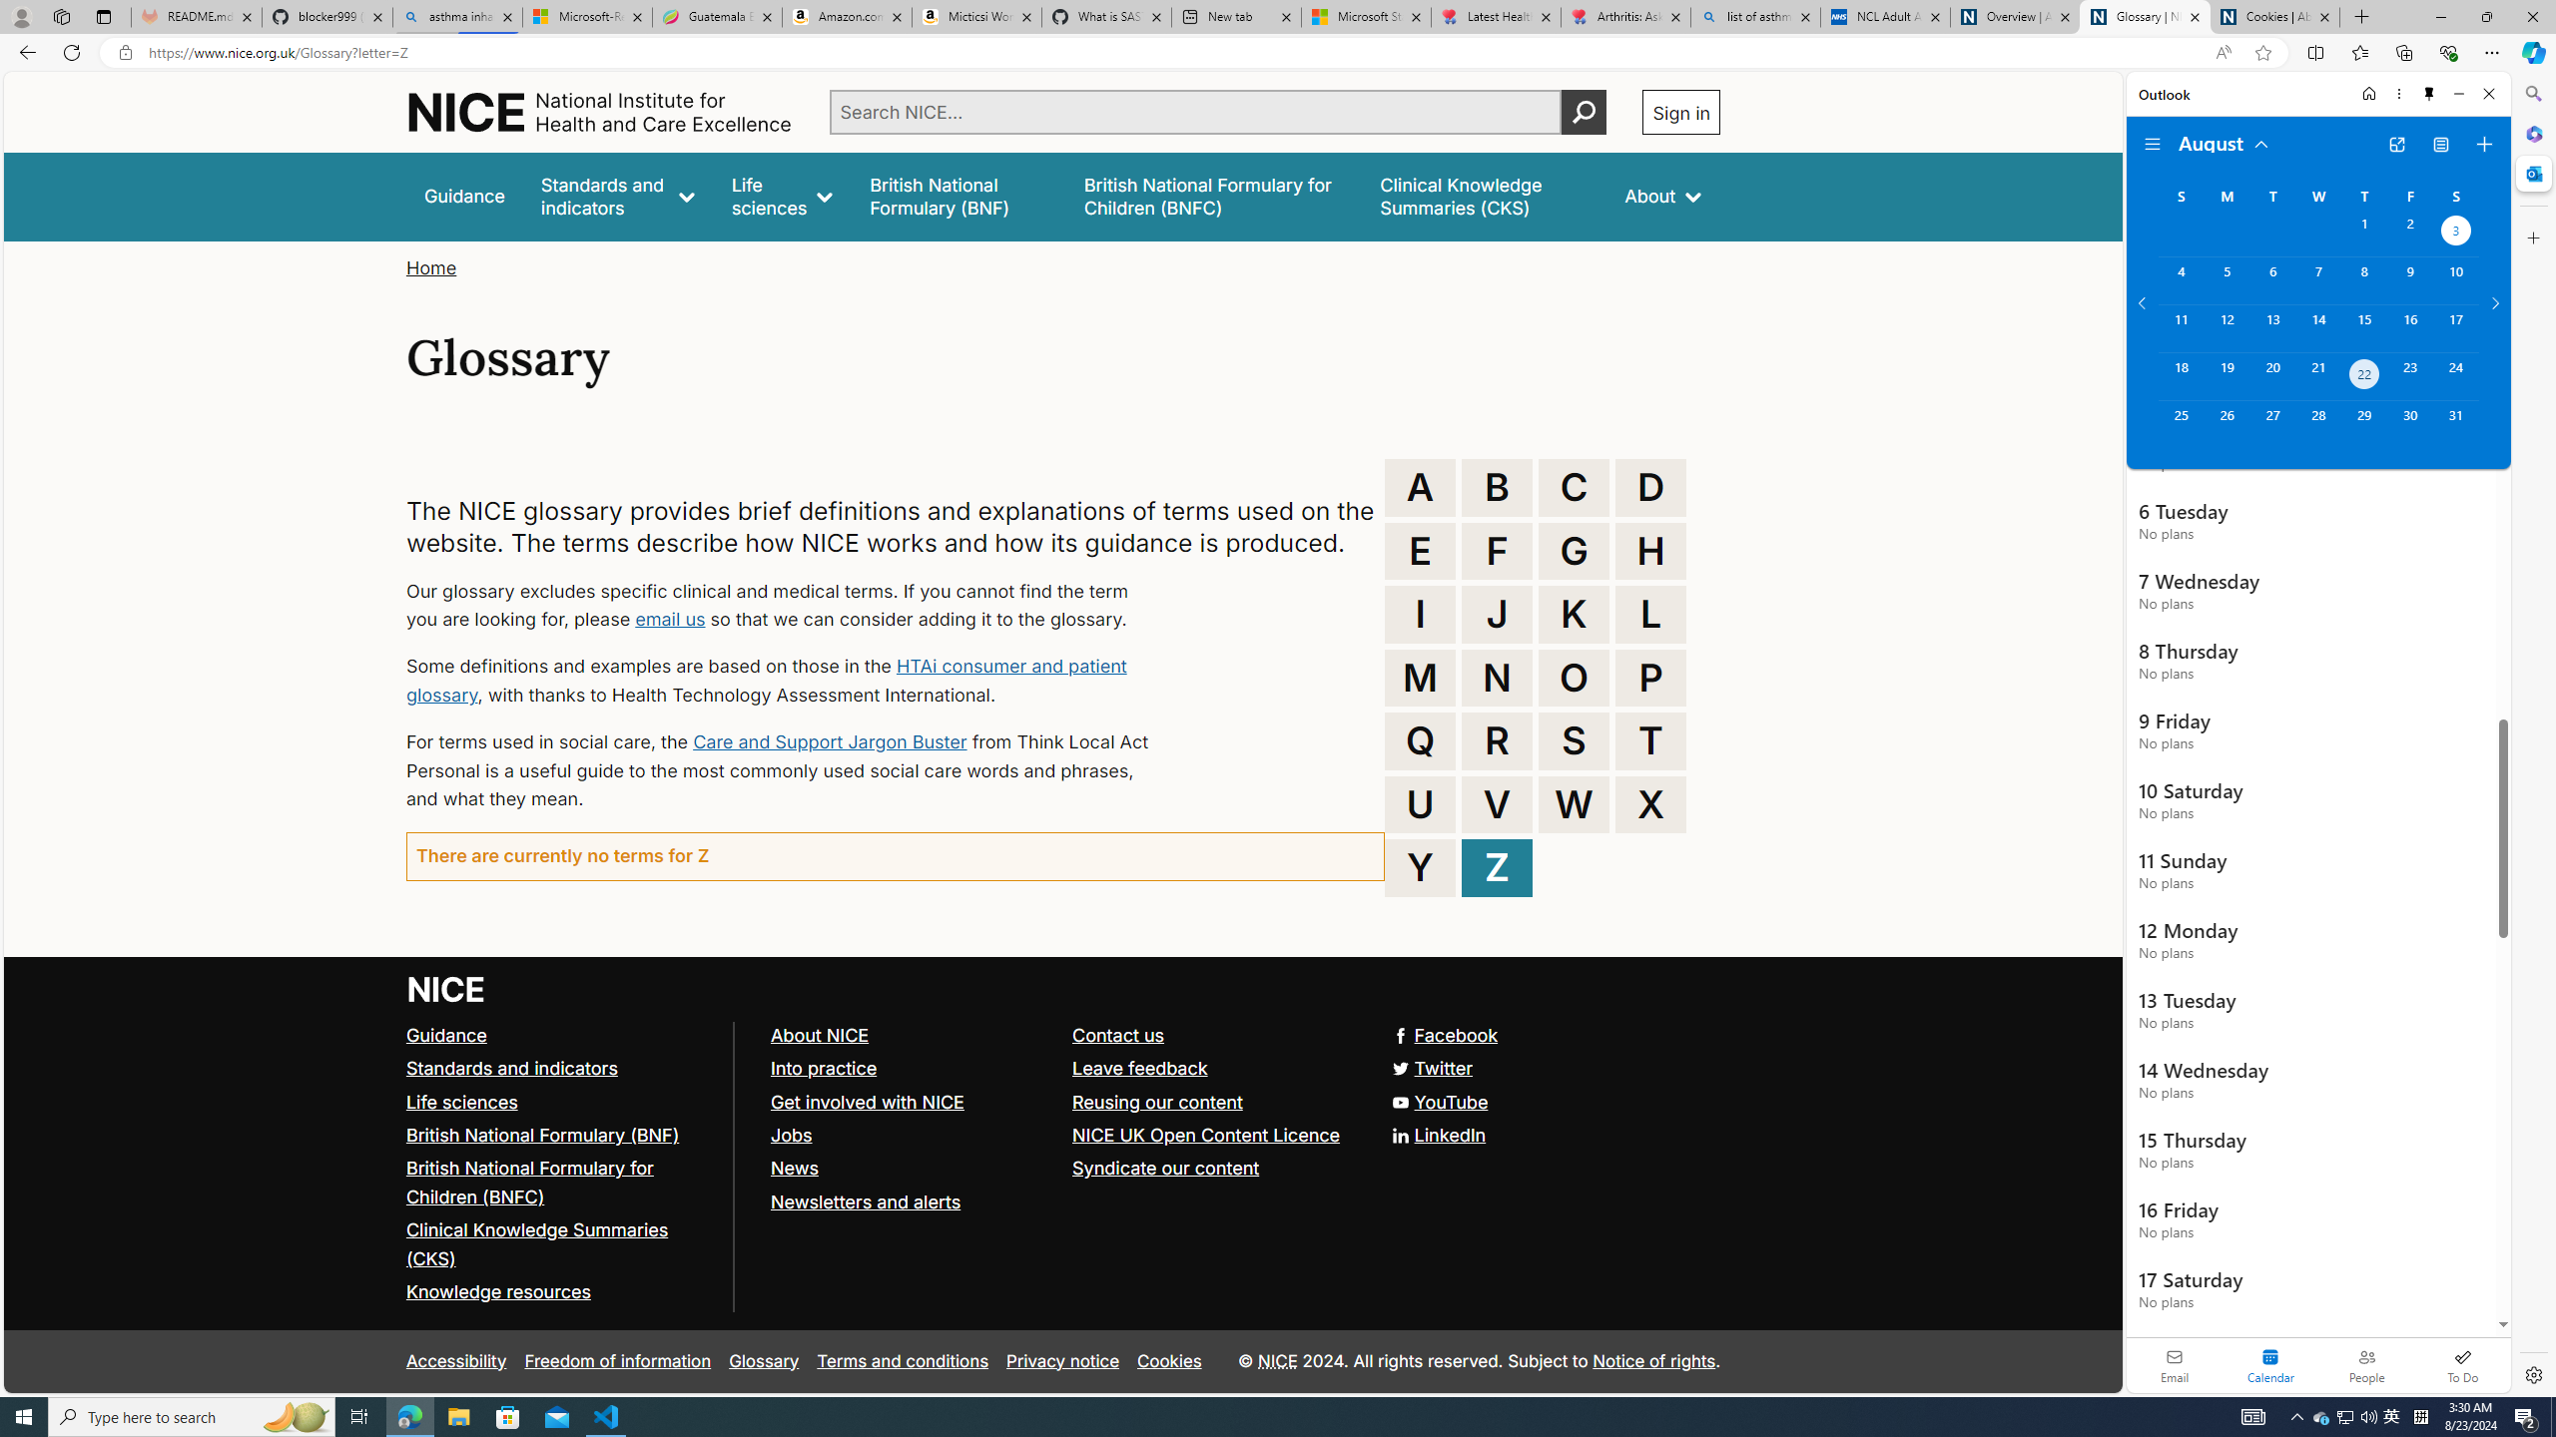 The height and width of the screenshot is (1437, 2556). I want to click on 'Y', so click(1420, 867).